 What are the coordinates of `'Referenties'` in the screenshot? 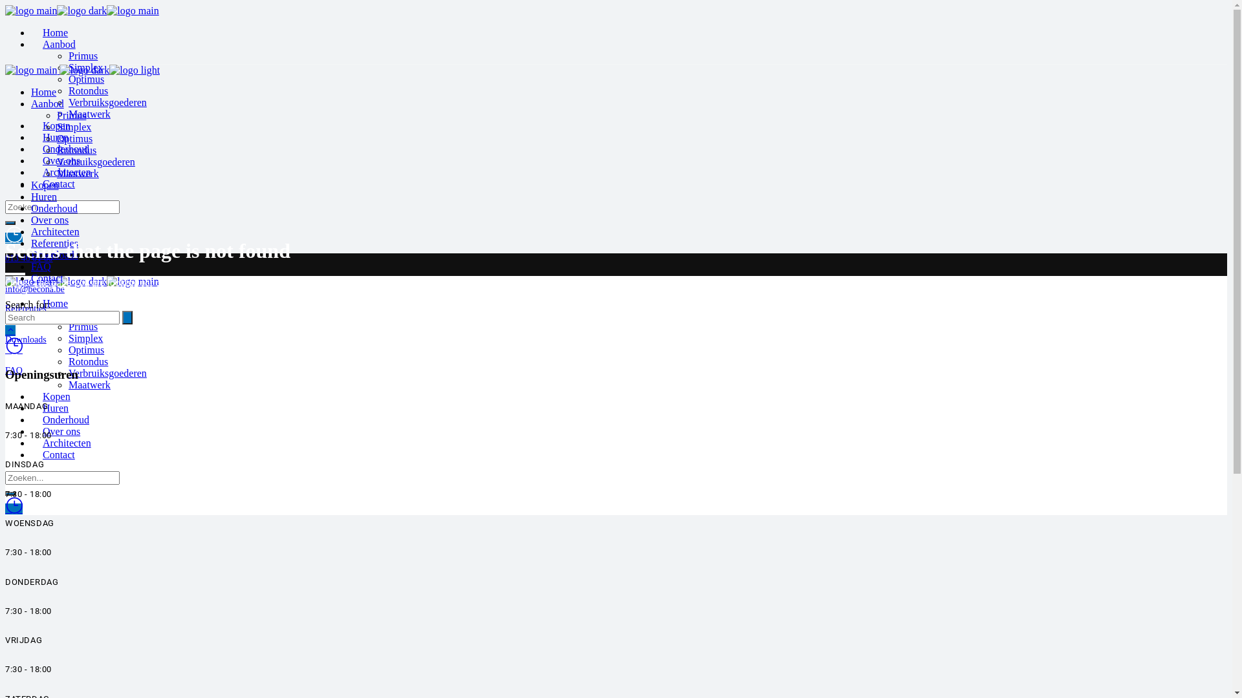 It's located at (31, 243).